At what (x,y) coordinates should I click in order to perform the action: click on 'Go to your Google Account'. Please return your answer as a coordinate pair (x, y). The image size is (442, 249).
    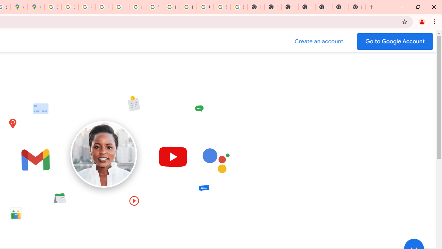
    Looking at the image, I should click on (395, 41).